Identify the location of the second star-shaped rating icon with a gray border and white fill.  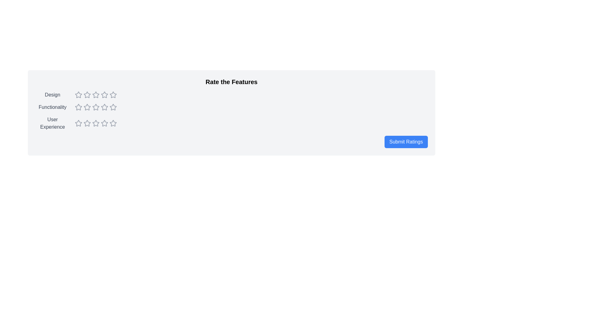
(87, 107).